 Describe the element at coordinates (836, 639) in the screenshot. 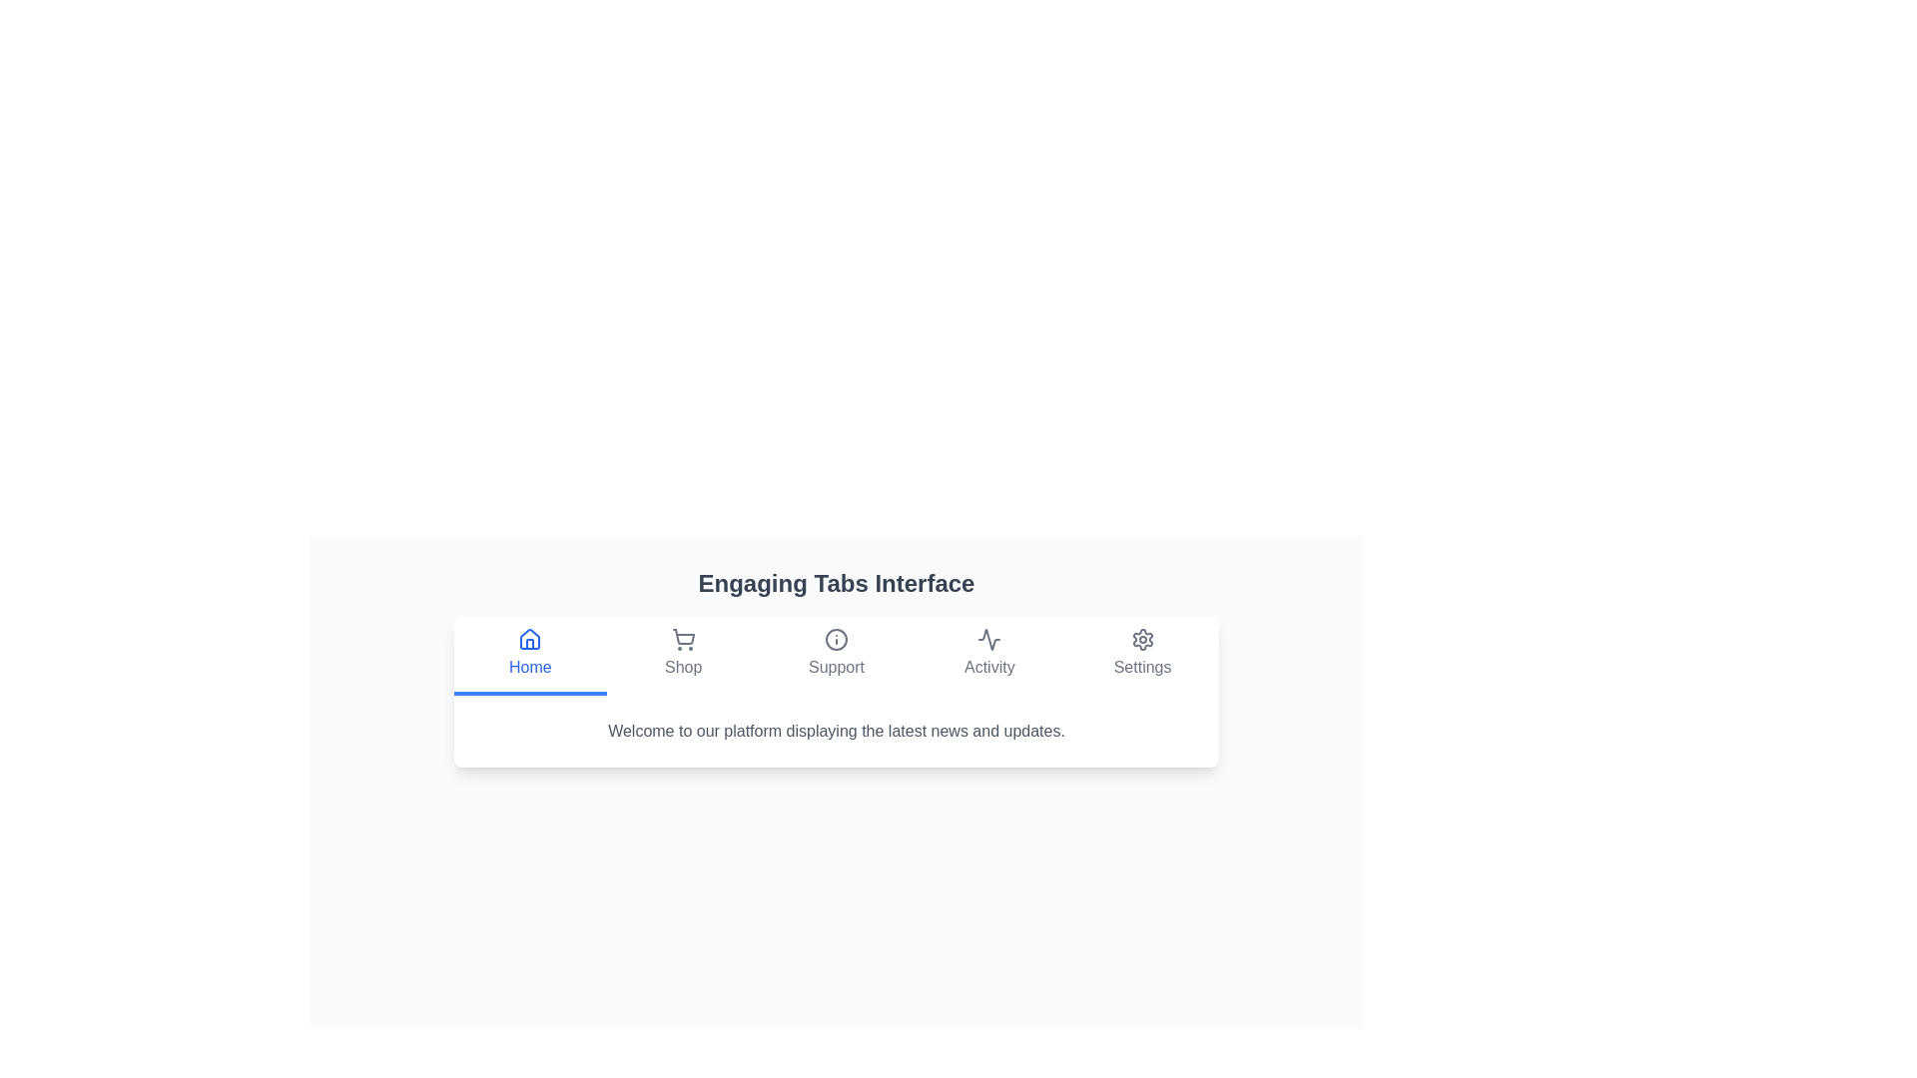

I see `the circular icon in the 'Support' tab of the navigation menu, which is styled with a clean and modern design` at that location.